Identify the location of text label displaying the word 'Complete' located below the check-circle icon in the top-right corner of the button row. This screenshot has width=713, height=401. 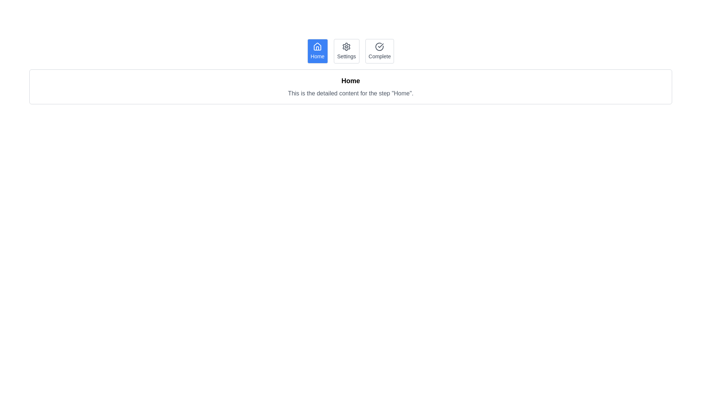
(380, 56).